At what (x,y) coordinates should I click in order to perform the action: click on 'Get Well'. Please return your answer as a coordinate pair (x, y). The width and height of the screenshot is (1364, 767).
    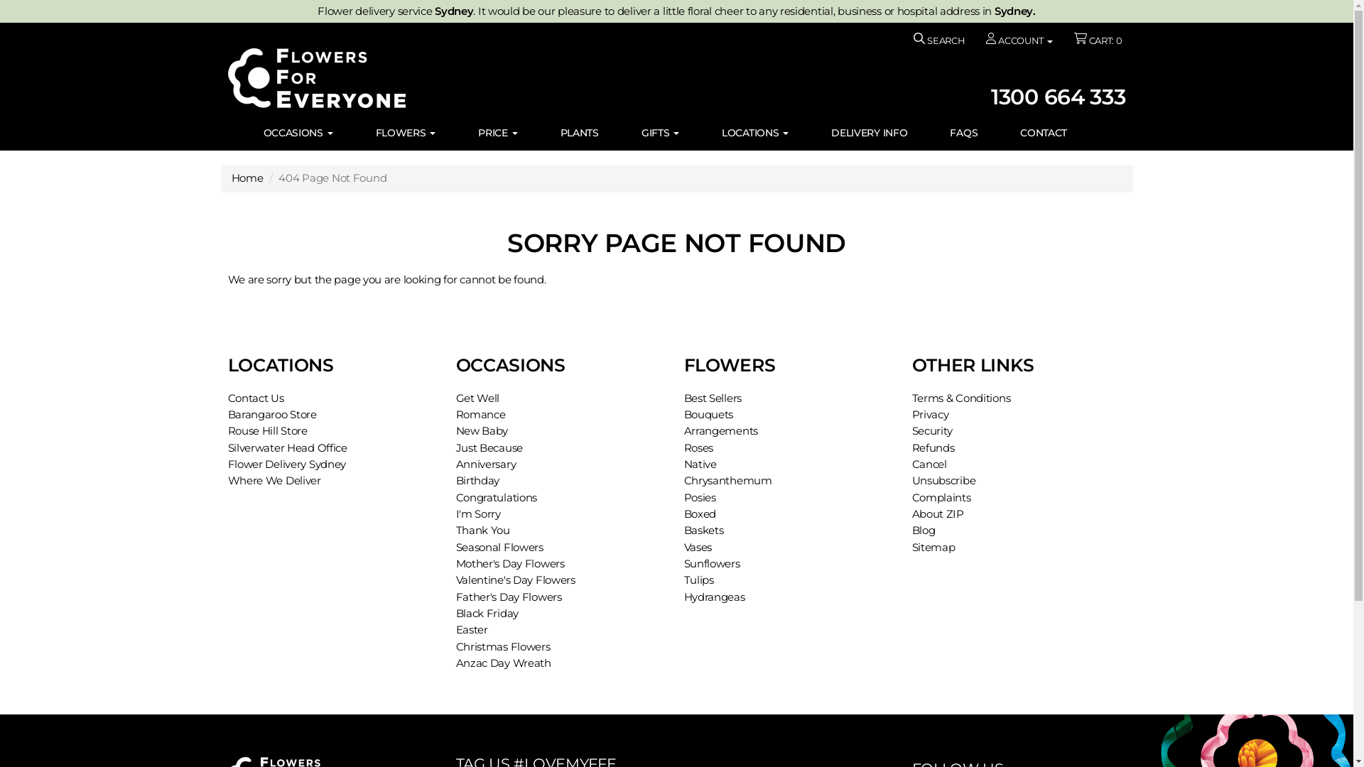
    Looking at the image, I should click on (456, 398).